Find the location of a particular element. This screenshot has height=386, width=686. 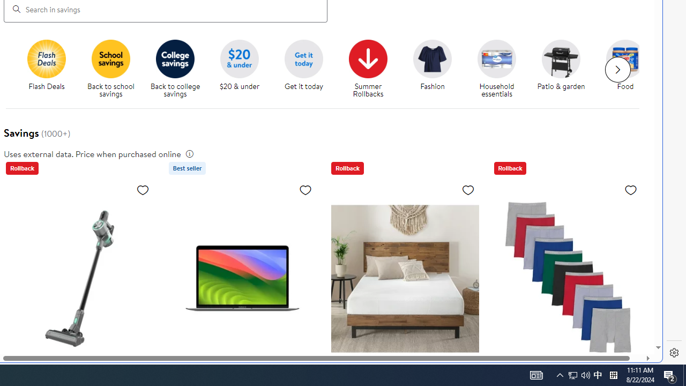

'Next slide for chipModuleWithImages list' is located at coordinates (618, 69).